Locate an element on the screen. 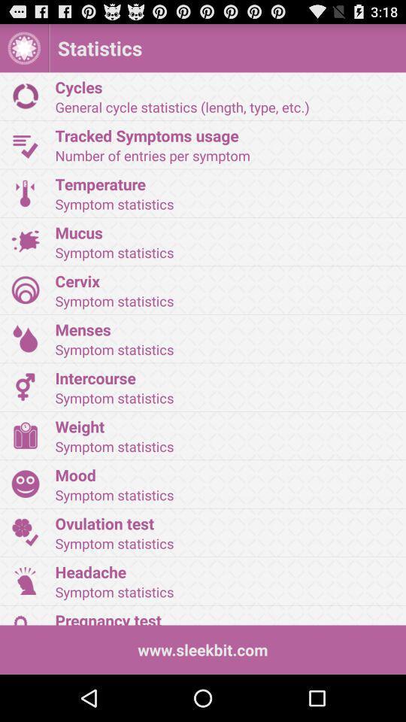 The width and height of the screenshot is (406, 722). icon above symptom statistics icon is located at coordinates (225, 571).